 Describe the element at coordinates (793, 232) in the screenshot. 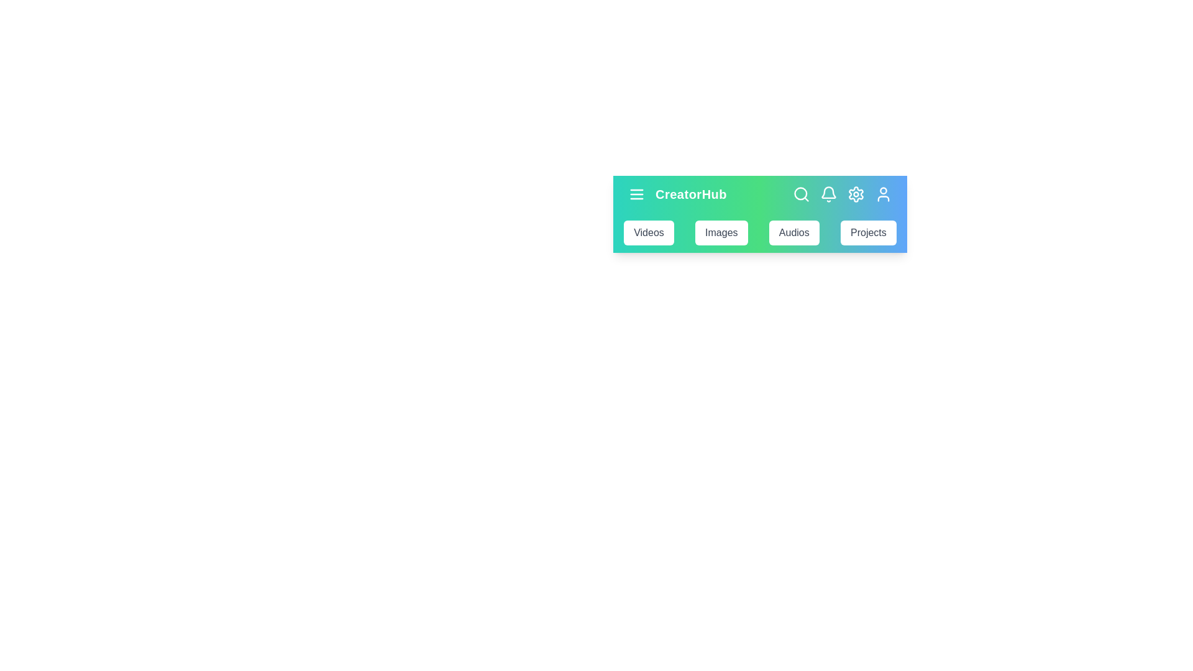

I see `the Audios navigation bar item to navigate to its section` at that location.